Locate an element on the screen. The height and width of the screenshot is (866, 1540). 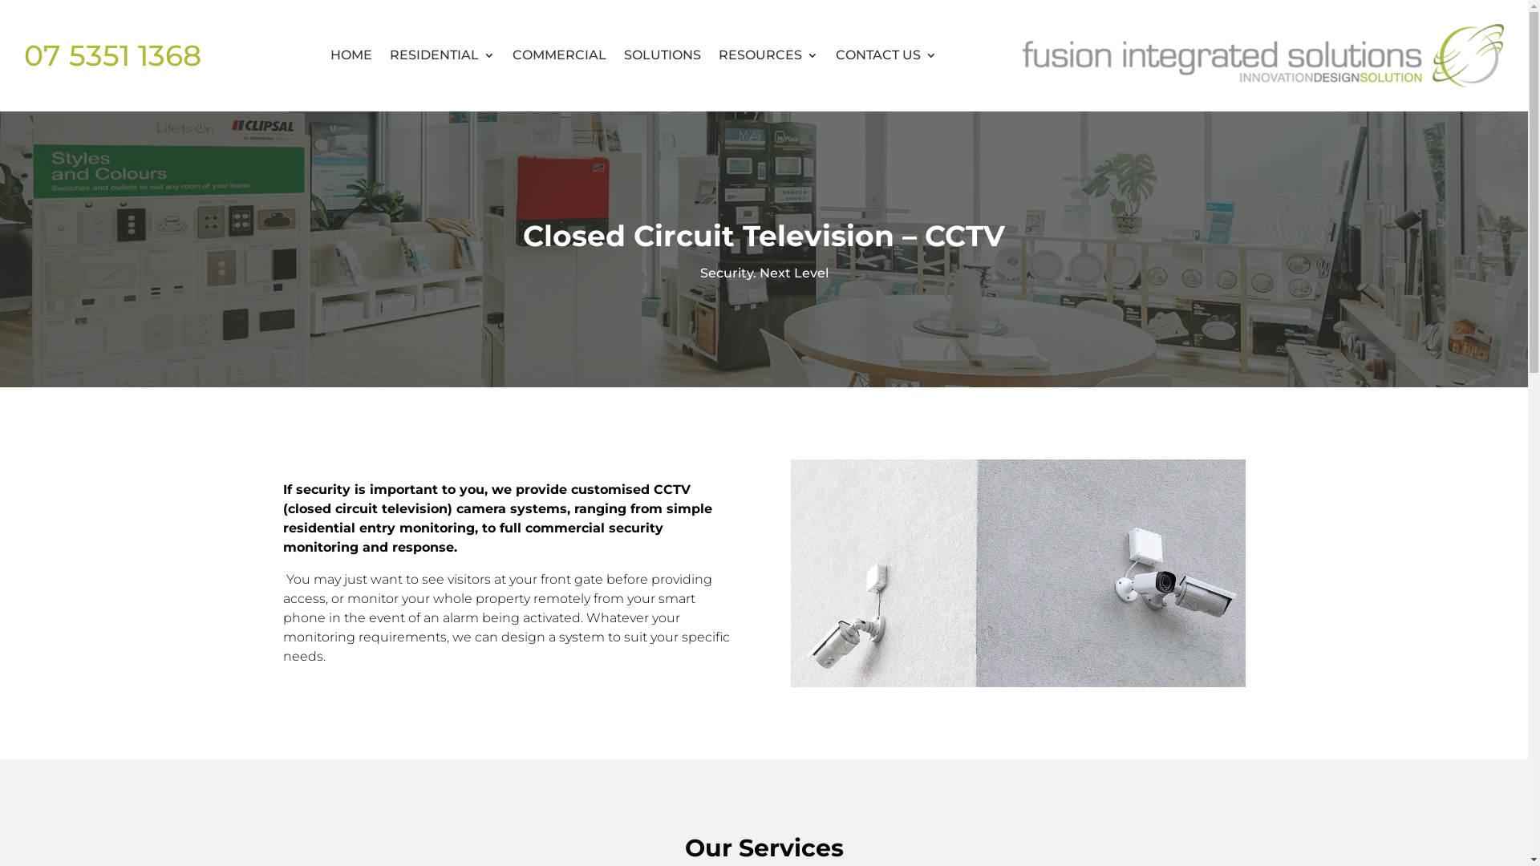
'COMMERCIAL' is located at coordinates (511, 55).